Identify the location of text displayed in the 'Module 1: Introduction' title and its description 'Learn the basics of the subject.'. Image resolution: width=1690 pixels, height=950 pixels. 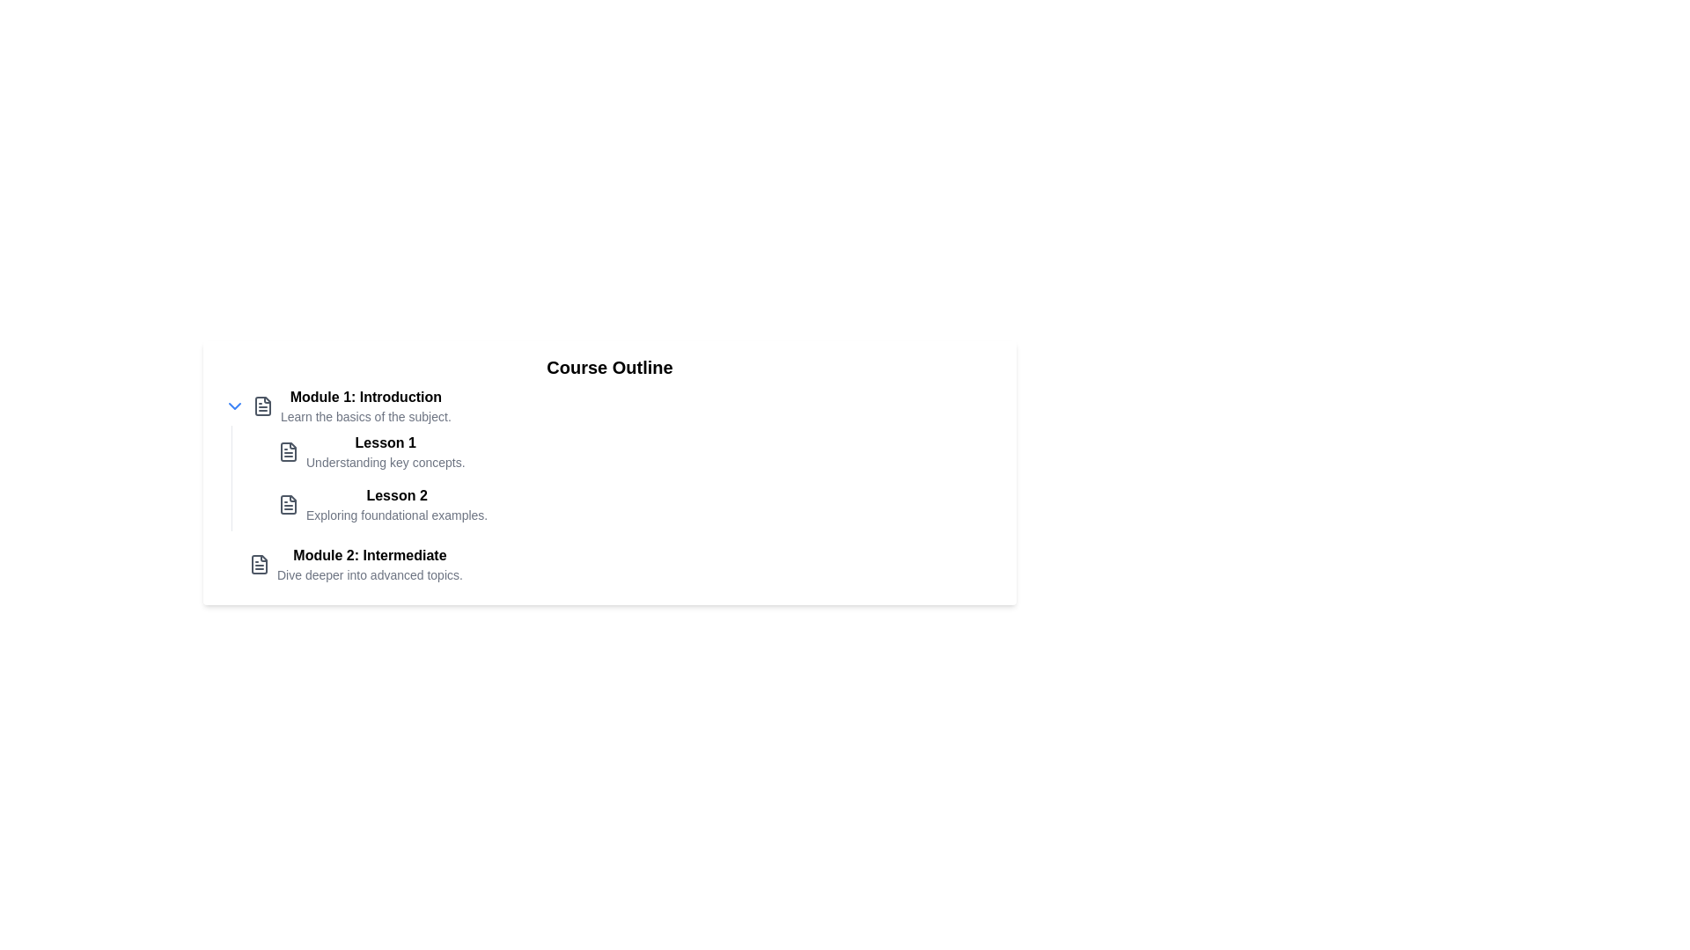
(364, 406).